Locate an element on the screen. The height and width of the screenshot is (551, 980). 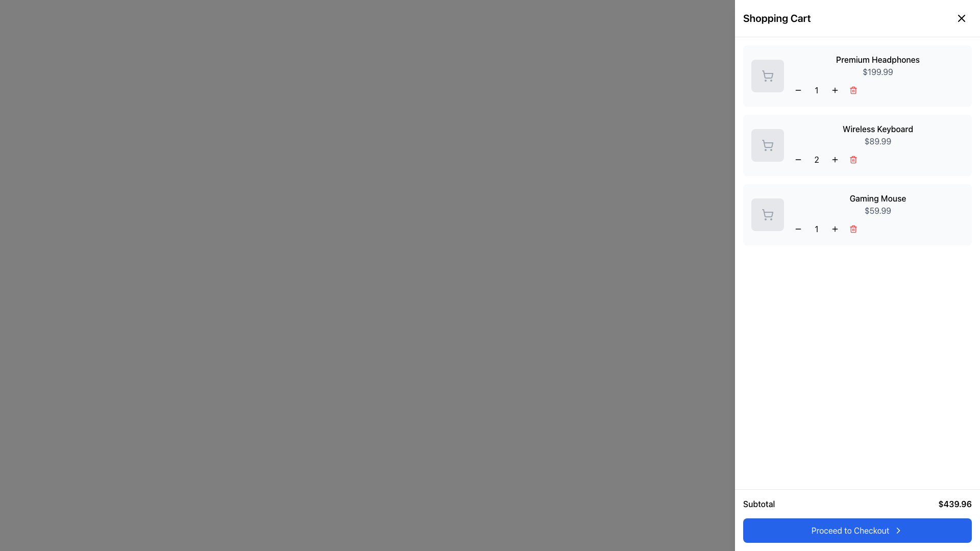
the increment button icon for the 'Wireless Keyboard' item in the shopping cart is located at coordinates (835, 159).